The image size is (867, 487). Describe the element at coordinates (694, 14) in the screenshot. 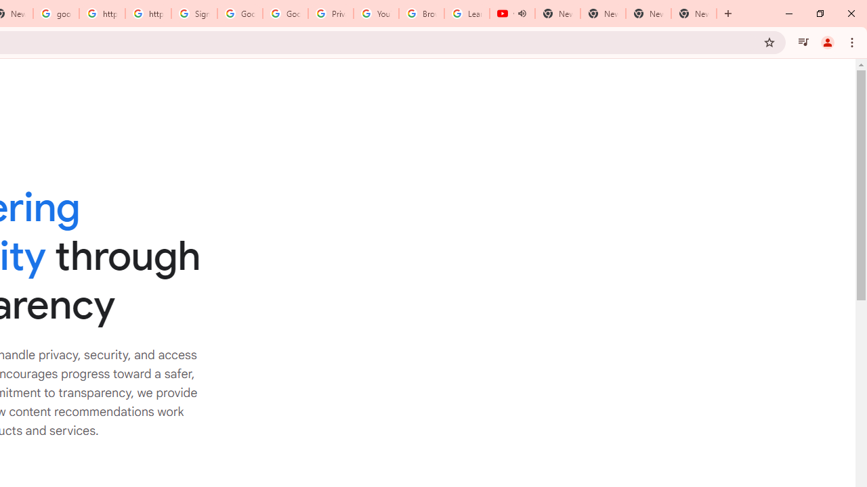

I see `'New Tab'` at that location.